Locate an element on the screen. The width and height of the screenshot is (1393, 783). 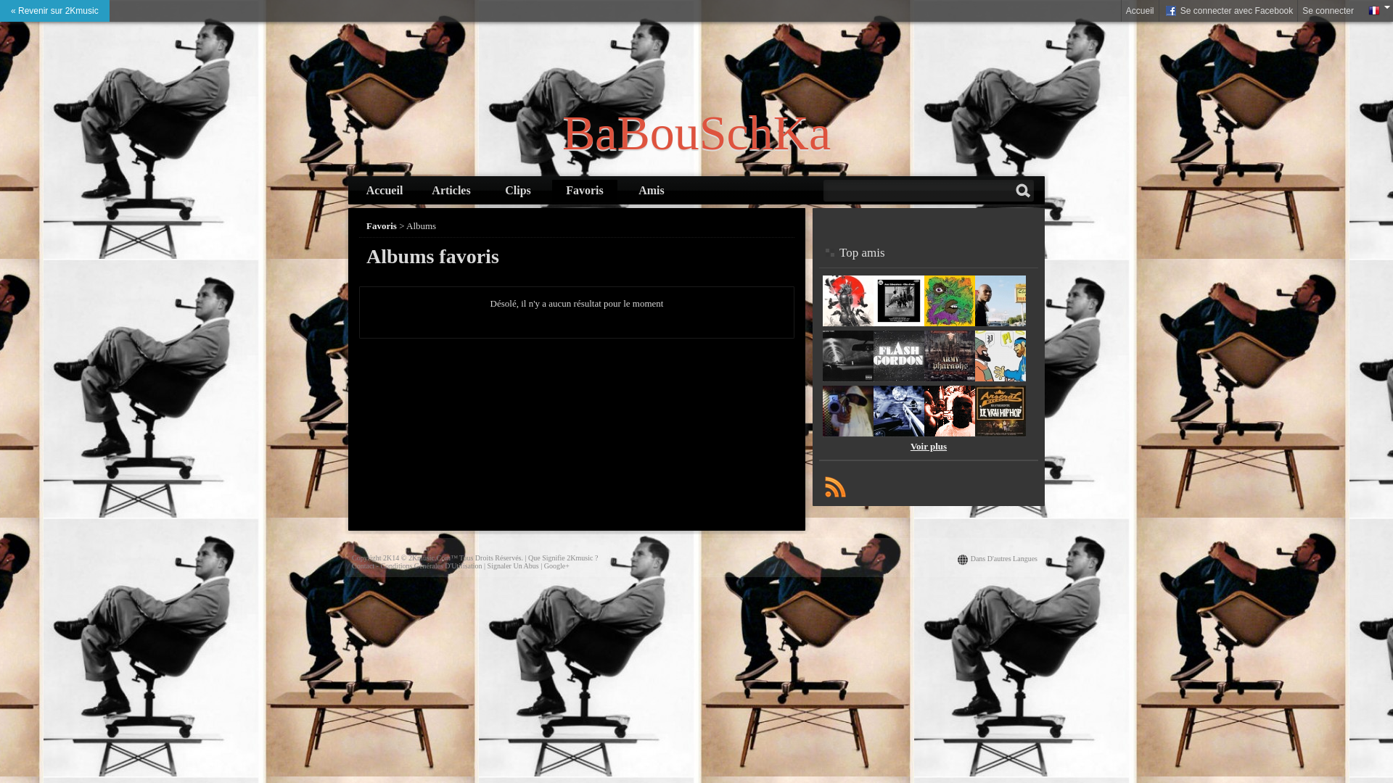
'BaBouSchKa' is located at coordinates (696, 133).